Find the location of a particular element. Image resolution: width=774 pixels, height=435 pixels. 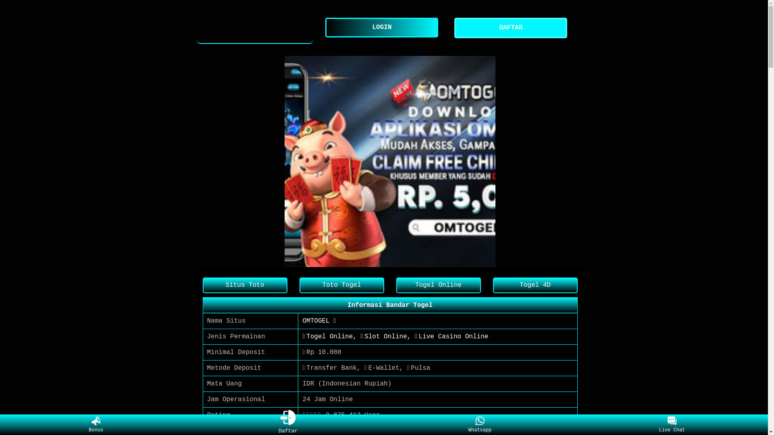

'Bonus' is located at coordinates (81, 425).